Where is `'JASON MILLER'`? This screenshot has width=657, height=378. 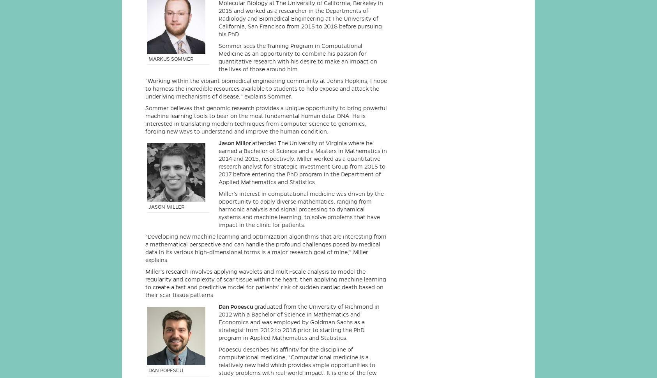 'JASON MILLER' is located at coordinates (166, 206).